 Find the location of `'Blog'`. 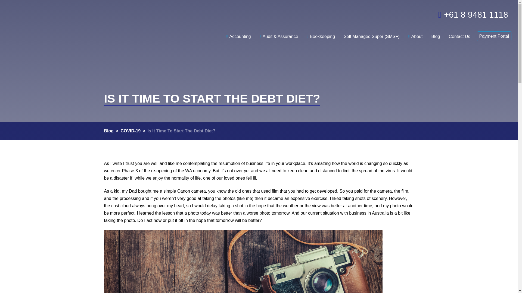

'Blog' is located at coordinates (436, 32).